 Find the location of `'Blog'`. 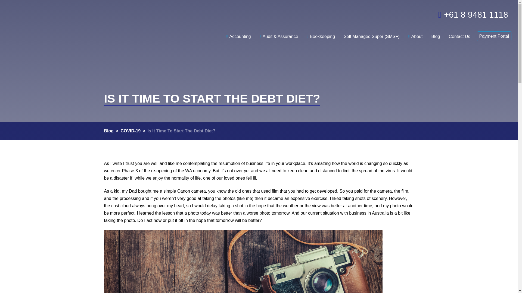

'Blog' is located at coordinates (436, 32).